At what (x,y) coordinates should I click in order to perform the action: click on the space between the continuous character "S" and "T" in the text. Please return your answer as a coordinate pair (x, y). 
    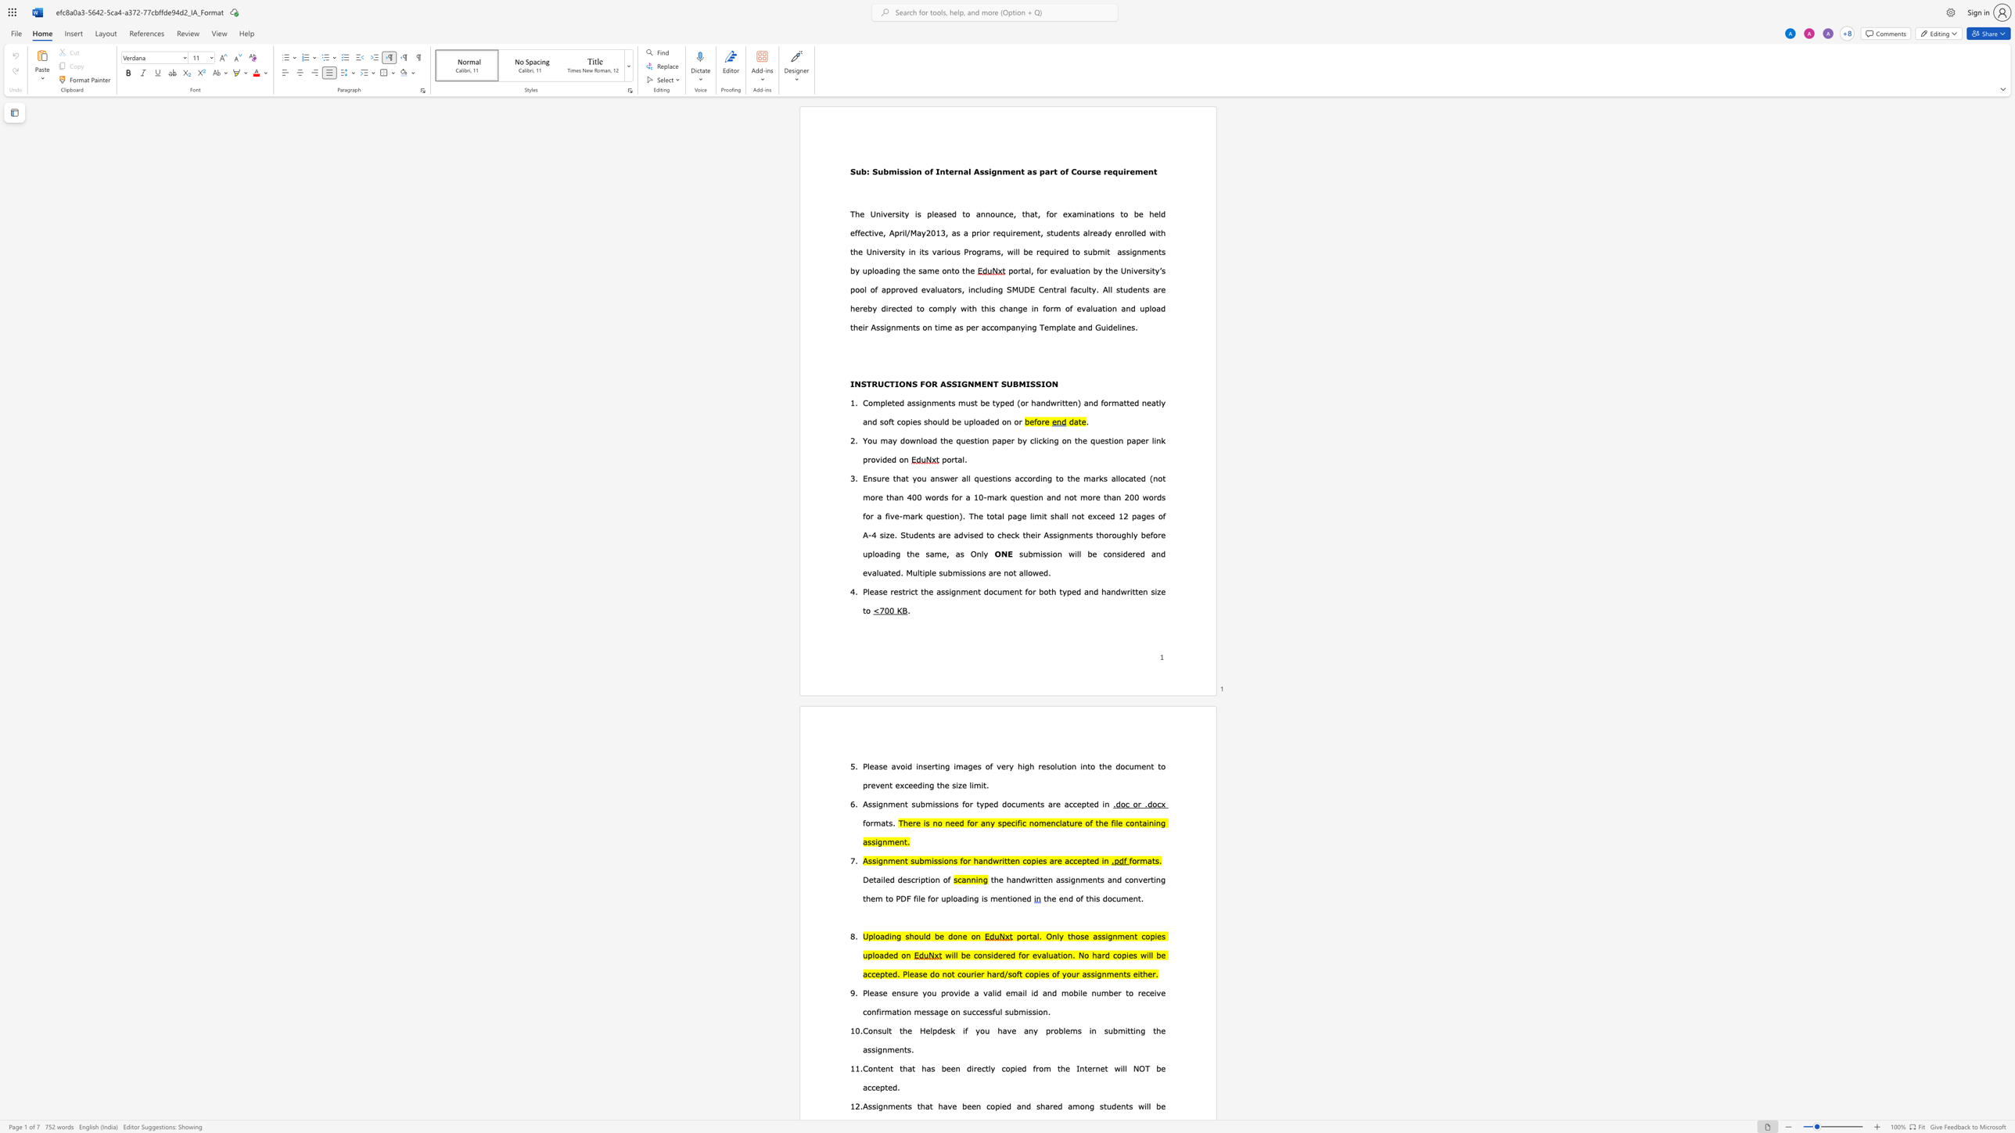
    Looking at the image, I should click on (866, 383).